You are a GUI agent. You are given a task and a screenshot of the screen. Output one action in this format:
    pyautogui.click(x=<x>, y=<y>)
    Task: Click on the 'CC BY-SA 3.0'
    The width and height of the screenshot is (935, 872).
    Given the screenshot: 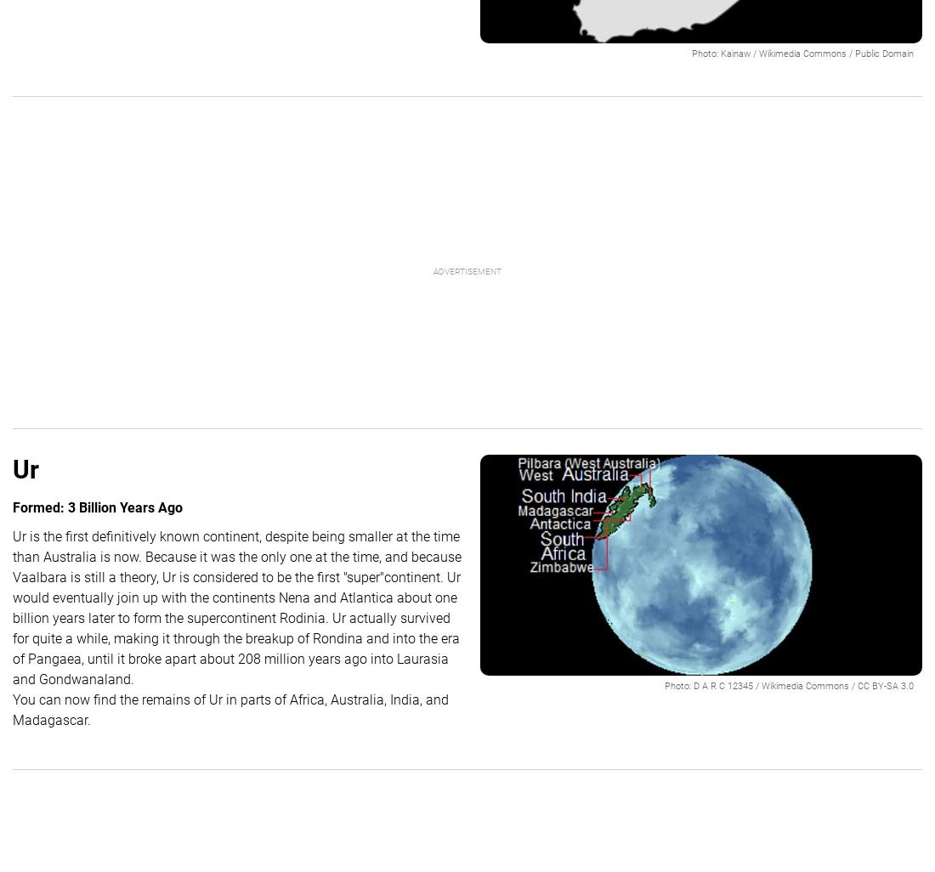 What is the action you would take?
    pyautogui.click(x=886, y=685)
    